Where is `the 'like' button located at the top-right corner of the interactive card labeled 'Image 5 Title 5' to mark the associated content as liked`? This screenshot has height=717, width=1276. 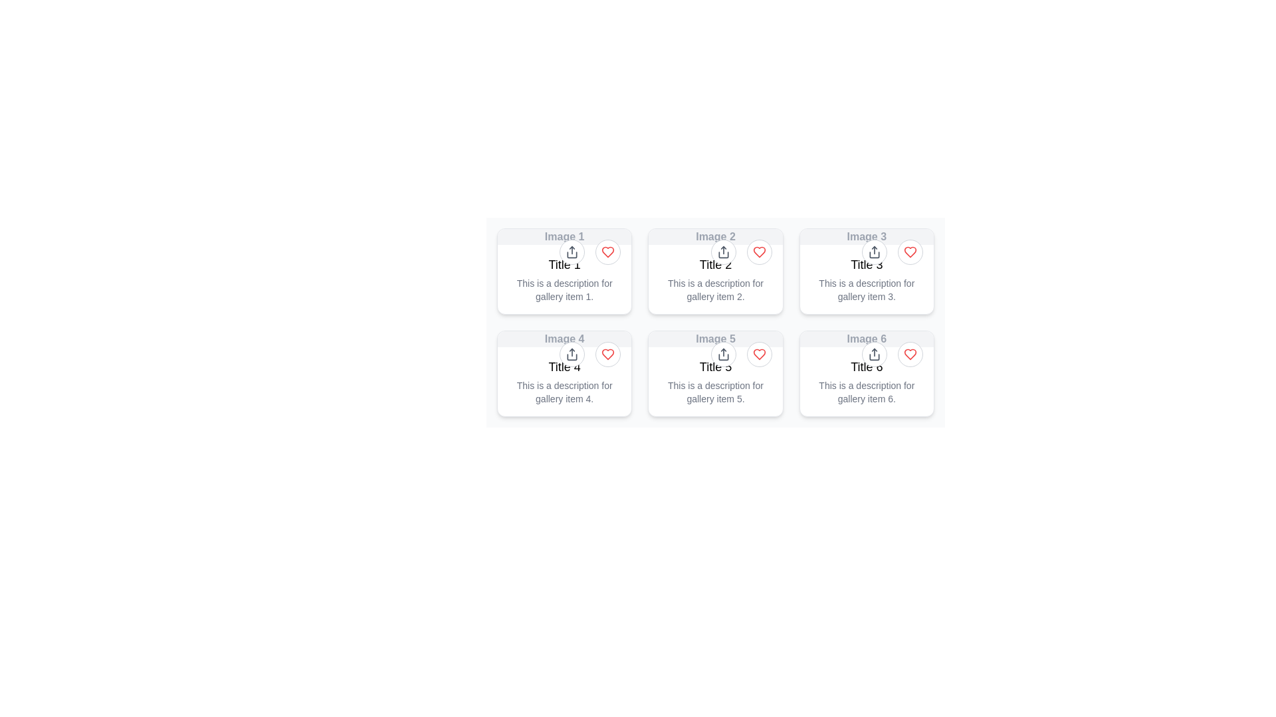
the 'like' button located at the top-right corner of the interactive card labeled 'Image 5 Title 5' to mark the associated content as liked is located at coordinates (759, 353).